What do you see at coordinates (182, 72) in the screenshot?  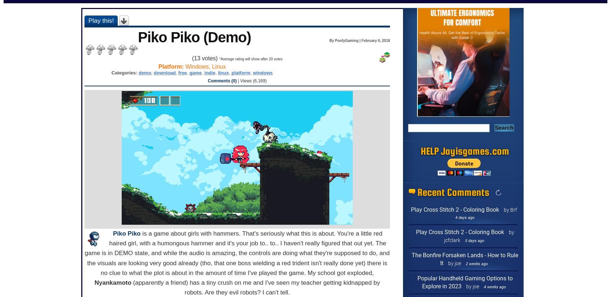 I see `'free'` at bounding box center [182, 72].